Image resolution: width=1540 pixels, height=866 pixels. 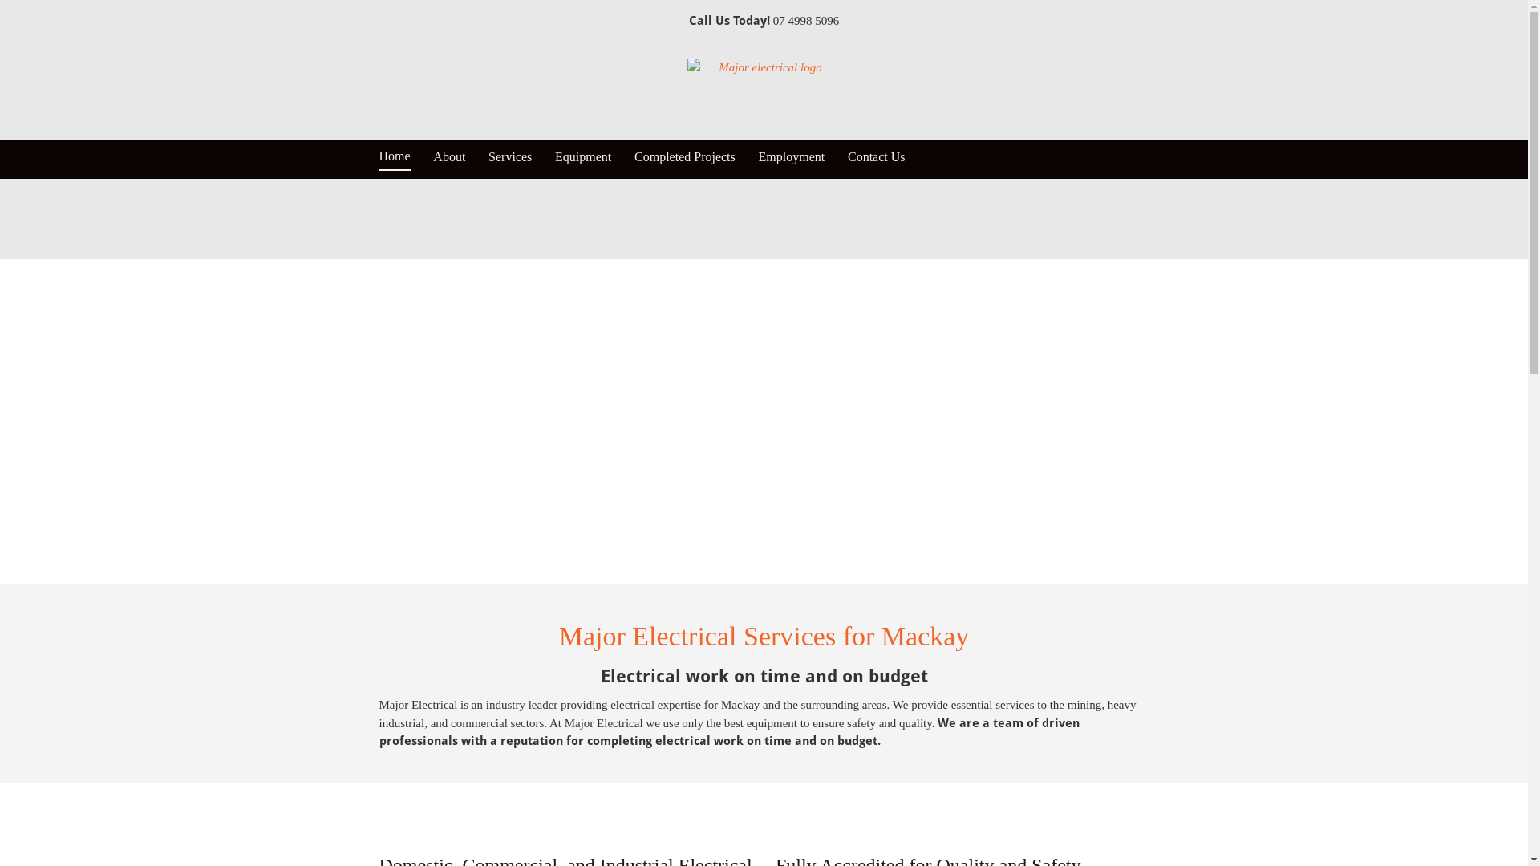 I want to click on 'Home', so click(x=377, y=160).